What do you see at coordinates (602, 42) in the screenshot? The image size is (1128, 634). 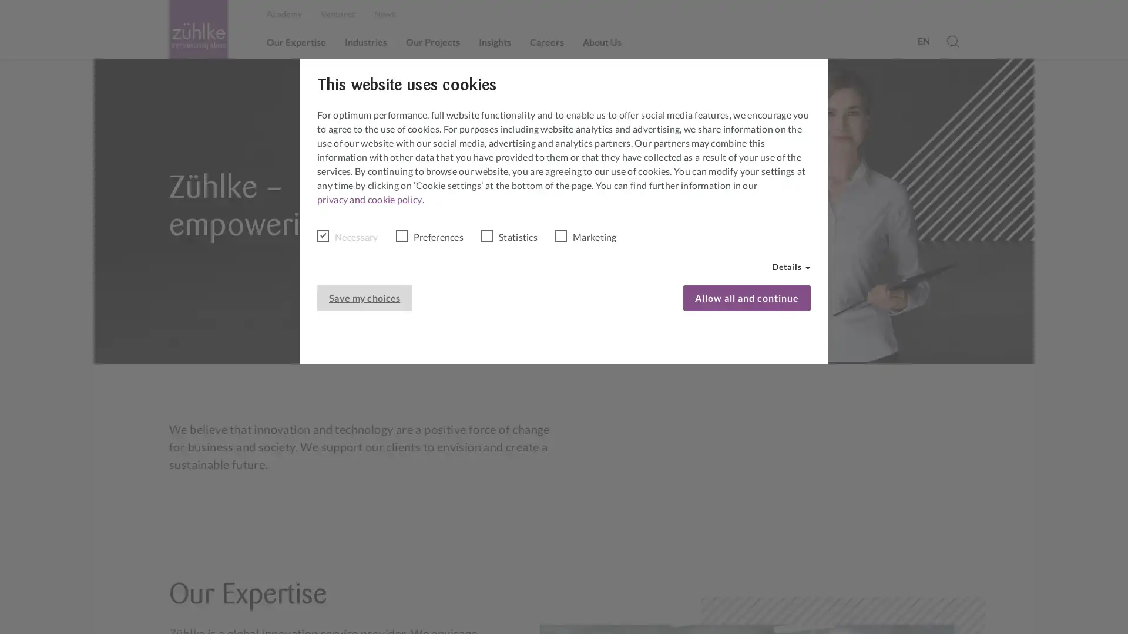 I see `About Us` at bounding box center [602, 42].